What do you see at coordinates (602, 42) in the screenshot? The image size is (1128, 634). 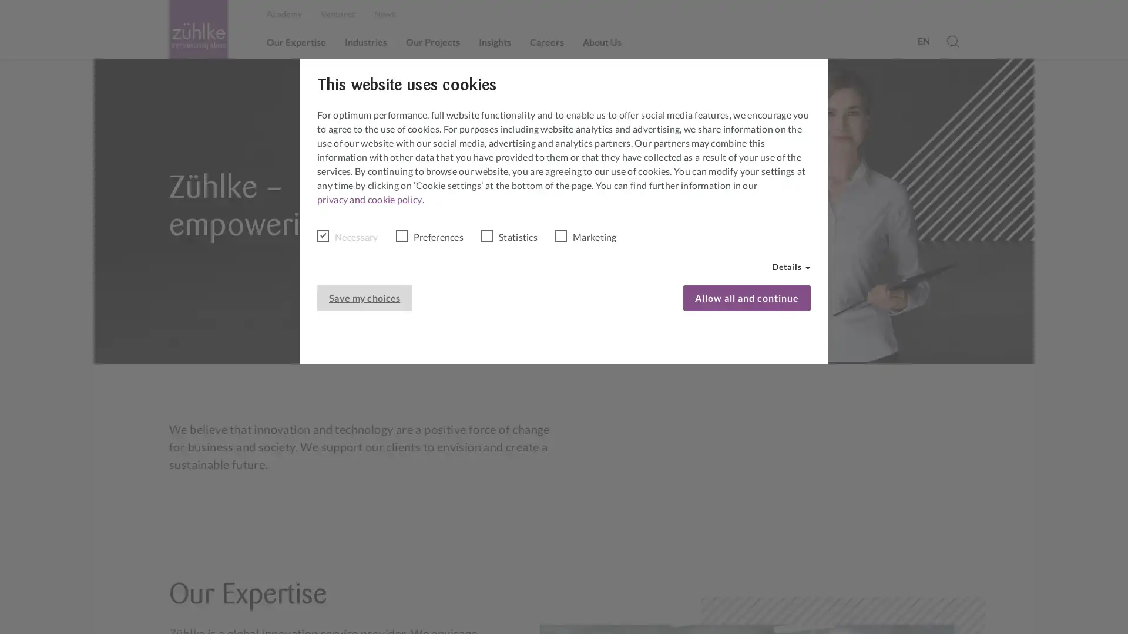 I see `About Us` at bounding box center [602, 42].